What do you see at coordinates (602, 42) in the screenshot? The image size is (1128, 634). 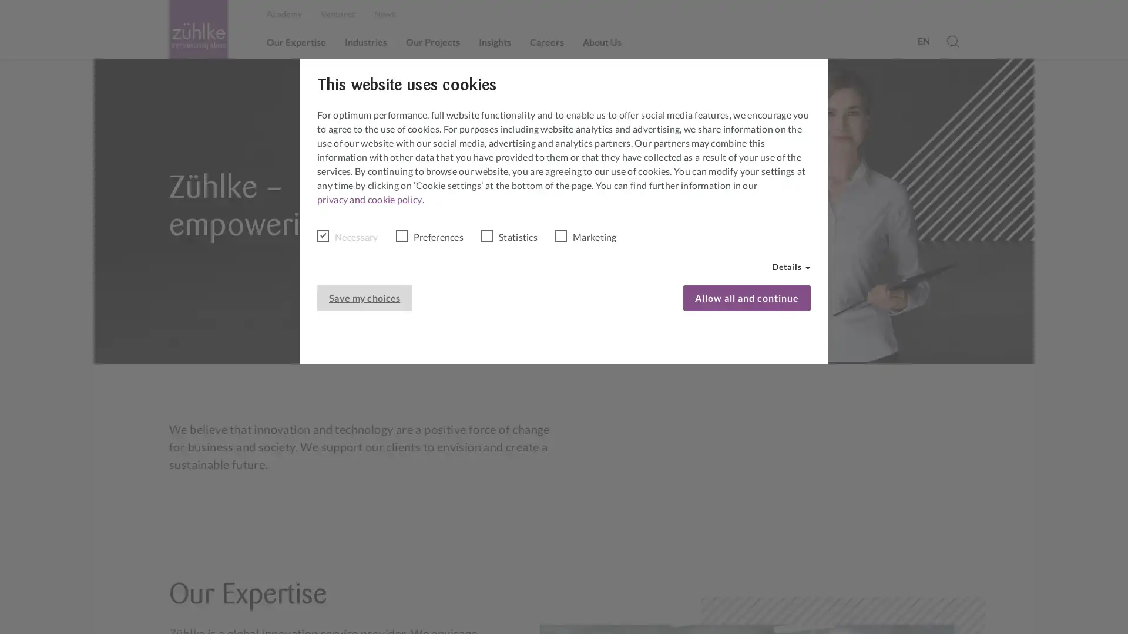 I see `About Us` at bounding box center [602, 42].